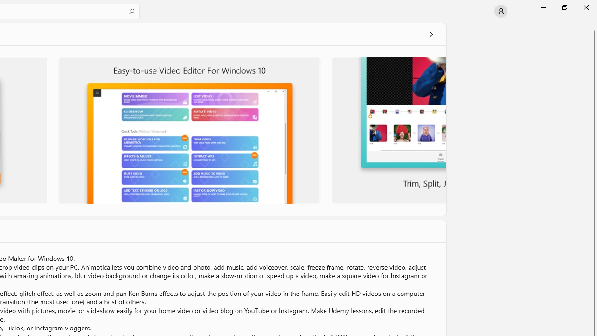 Image resolution: width=597 pixels, height=336 pixels. What do you see at coordinates (388, 130) in the screenshot?
I see `'Trim, Split, Join Video and Photo in Animotica'` at bounding box center [388, 130].